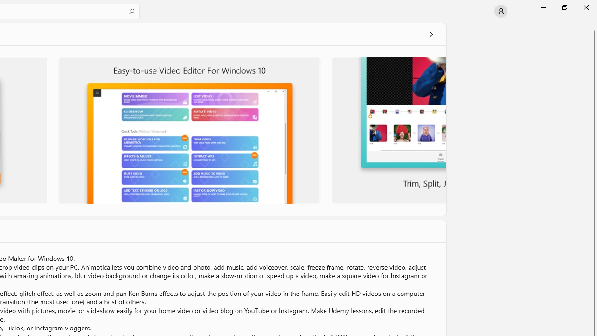 Image resolution: width=597 pixels, height=336 pixels. What do you see at coordinates (388, 130) in the screenshot?
I see `'Trim, Split, Join Video and Photo in Animotica'` at bounding box center [388, 130].